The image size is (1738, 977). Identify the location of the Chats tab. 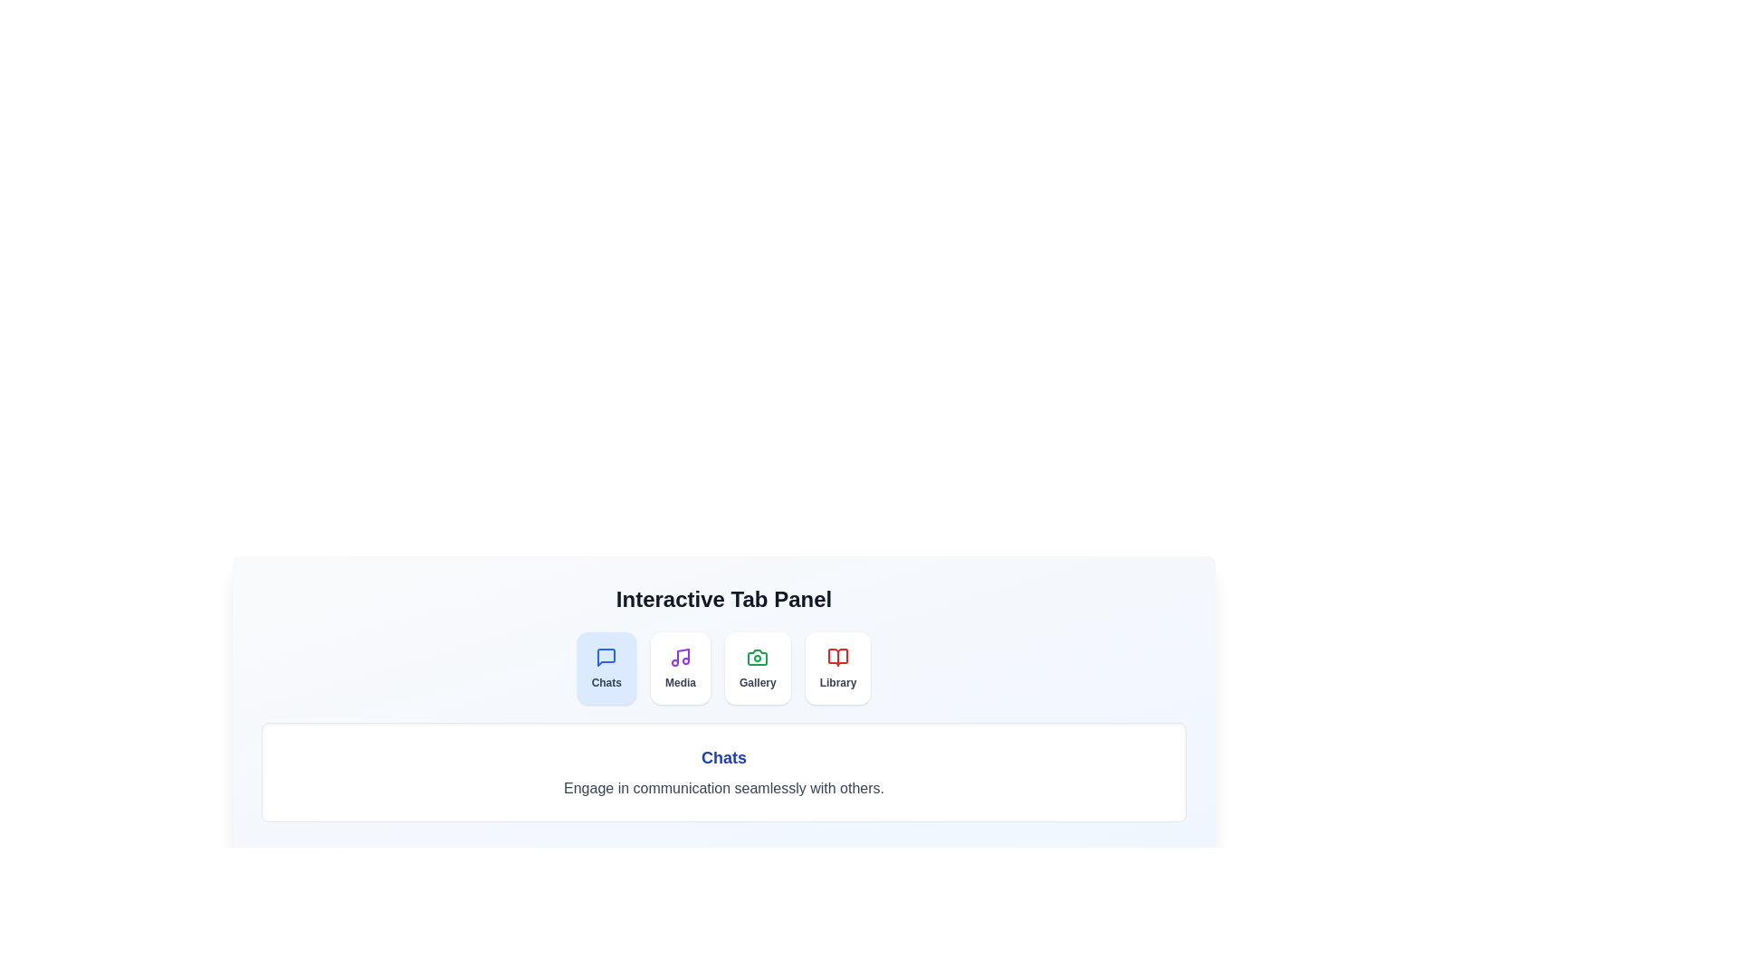
(606, 669).